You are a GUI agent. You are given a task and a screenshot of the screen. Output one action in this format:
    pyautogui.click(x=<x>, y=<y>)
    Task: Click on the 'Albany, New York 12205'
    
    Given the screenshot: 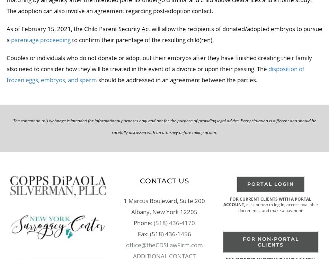 What is the action you would take?
    pyautogui.click(x=164, y=211)
    